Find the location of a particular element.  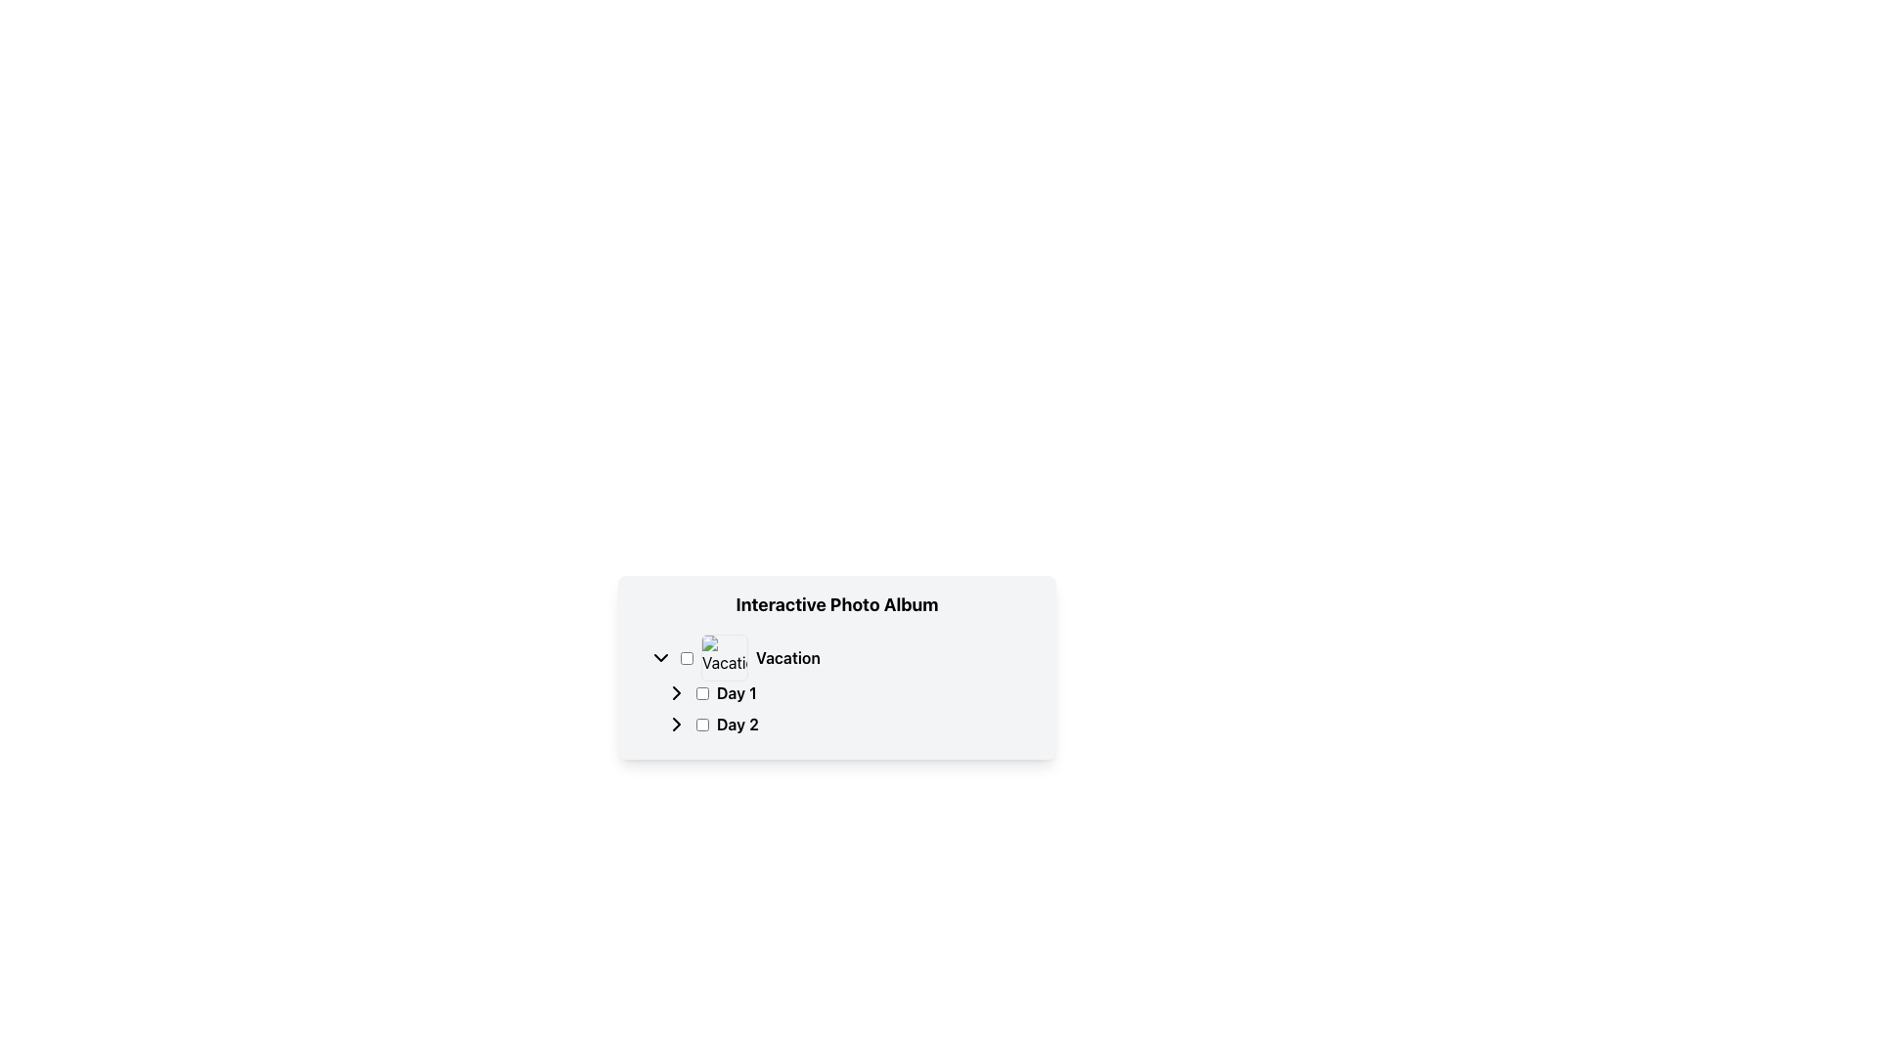

the rightward-pointing chevron icon that indicates expandable content next to 'Day 2' is located at coordinates (676, 724).